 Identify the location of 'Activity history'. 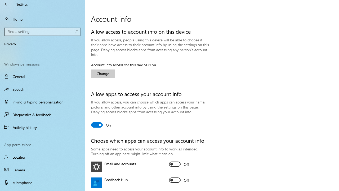
(42, 127).